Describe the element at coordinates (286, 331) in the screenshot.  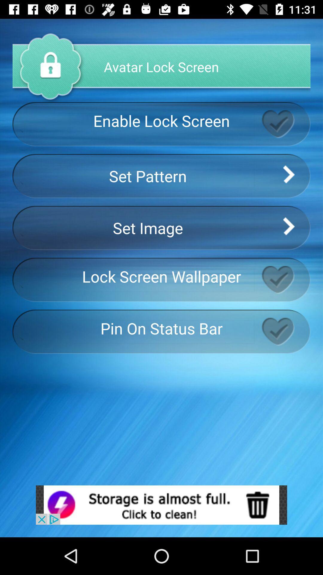
I see `enable feature` at that location.